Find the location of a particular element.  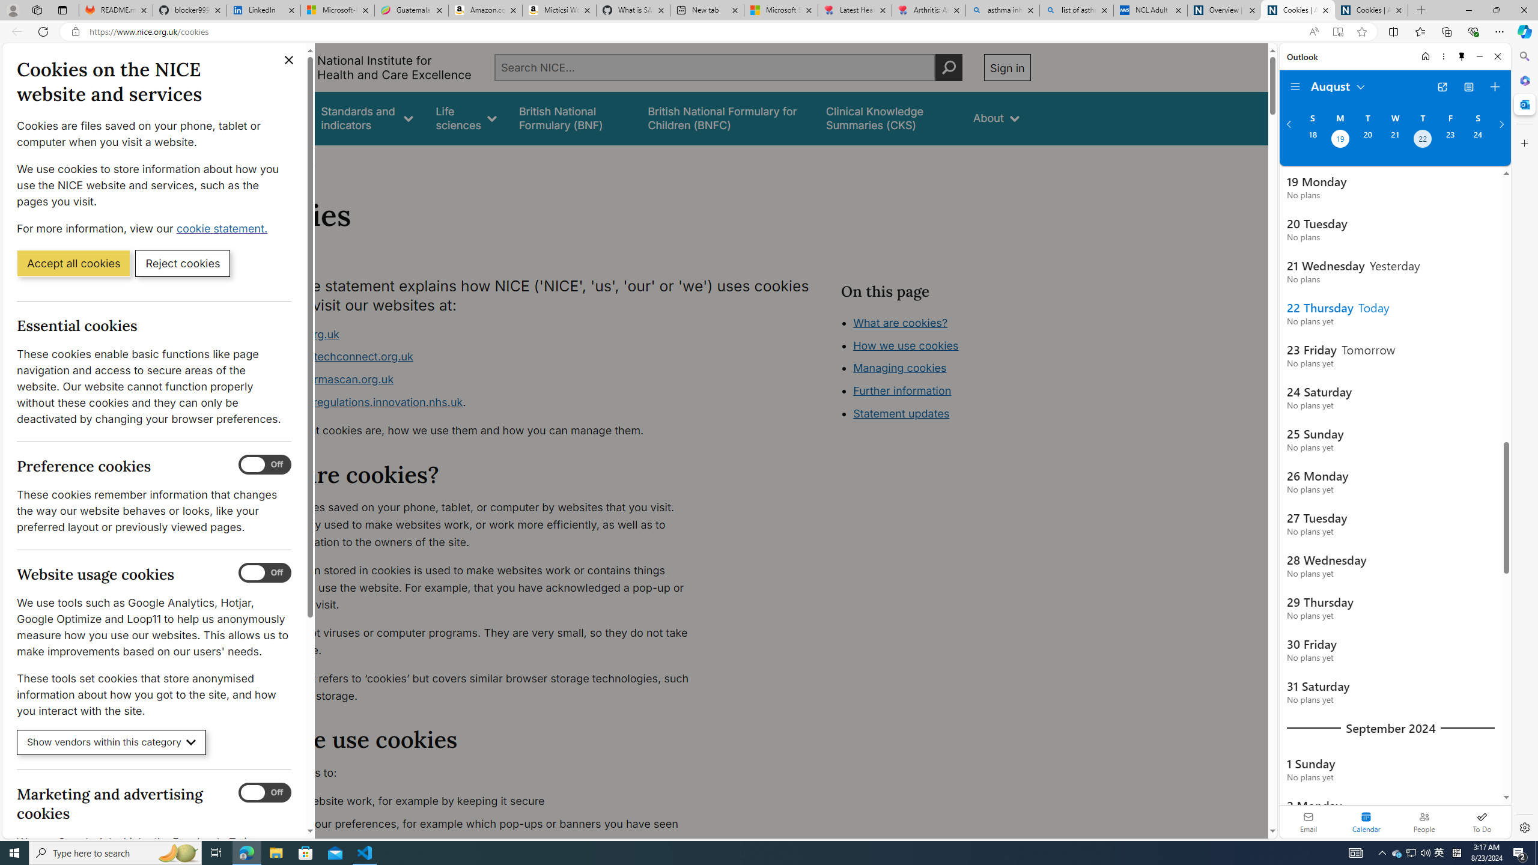

'Marketing and advertising cookies' is located at coordinates (264, 793).